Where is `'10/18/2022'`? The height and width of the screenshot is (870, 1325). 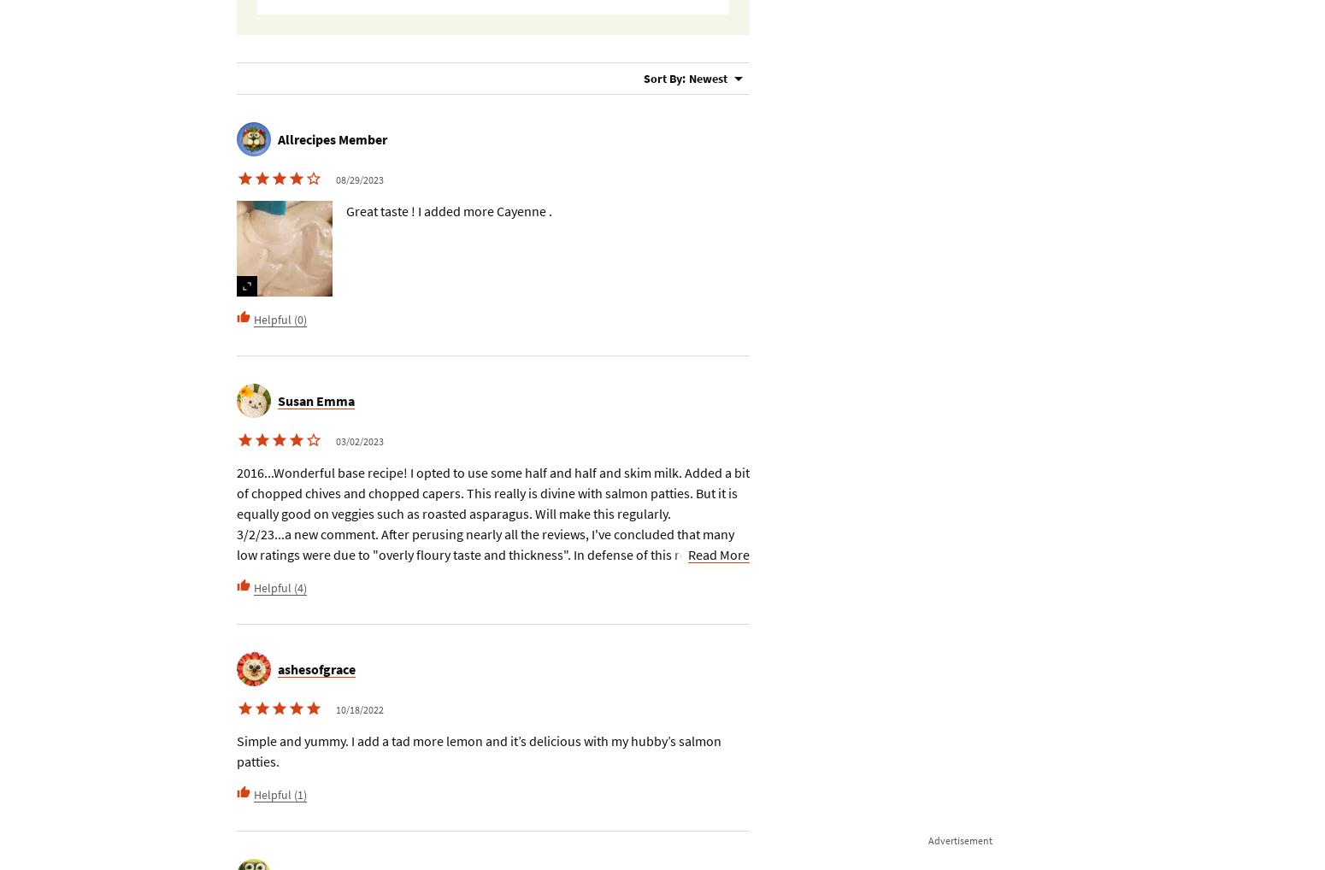 '10/18/2022' is located at coordinates (335, 708).